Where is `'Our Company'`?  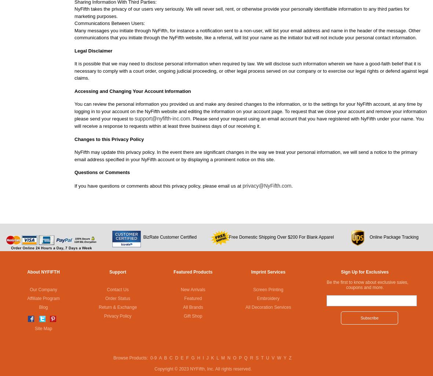
'Our Company' is located at coordinates (43, 289).